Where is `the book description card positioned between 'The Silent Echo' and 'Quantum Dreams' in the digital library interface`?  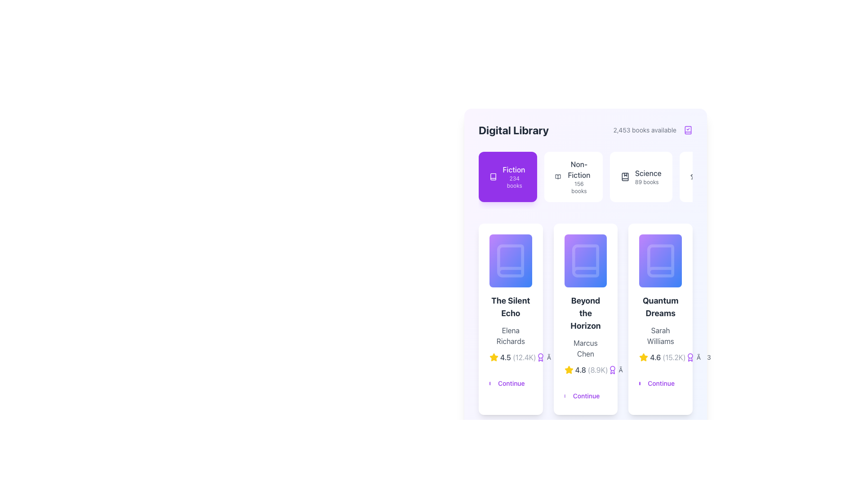
the book description card positioned between 'The Silent Echo' and 'Quantum Dreams' in the digital library interface is located at coordinates (585, 349).